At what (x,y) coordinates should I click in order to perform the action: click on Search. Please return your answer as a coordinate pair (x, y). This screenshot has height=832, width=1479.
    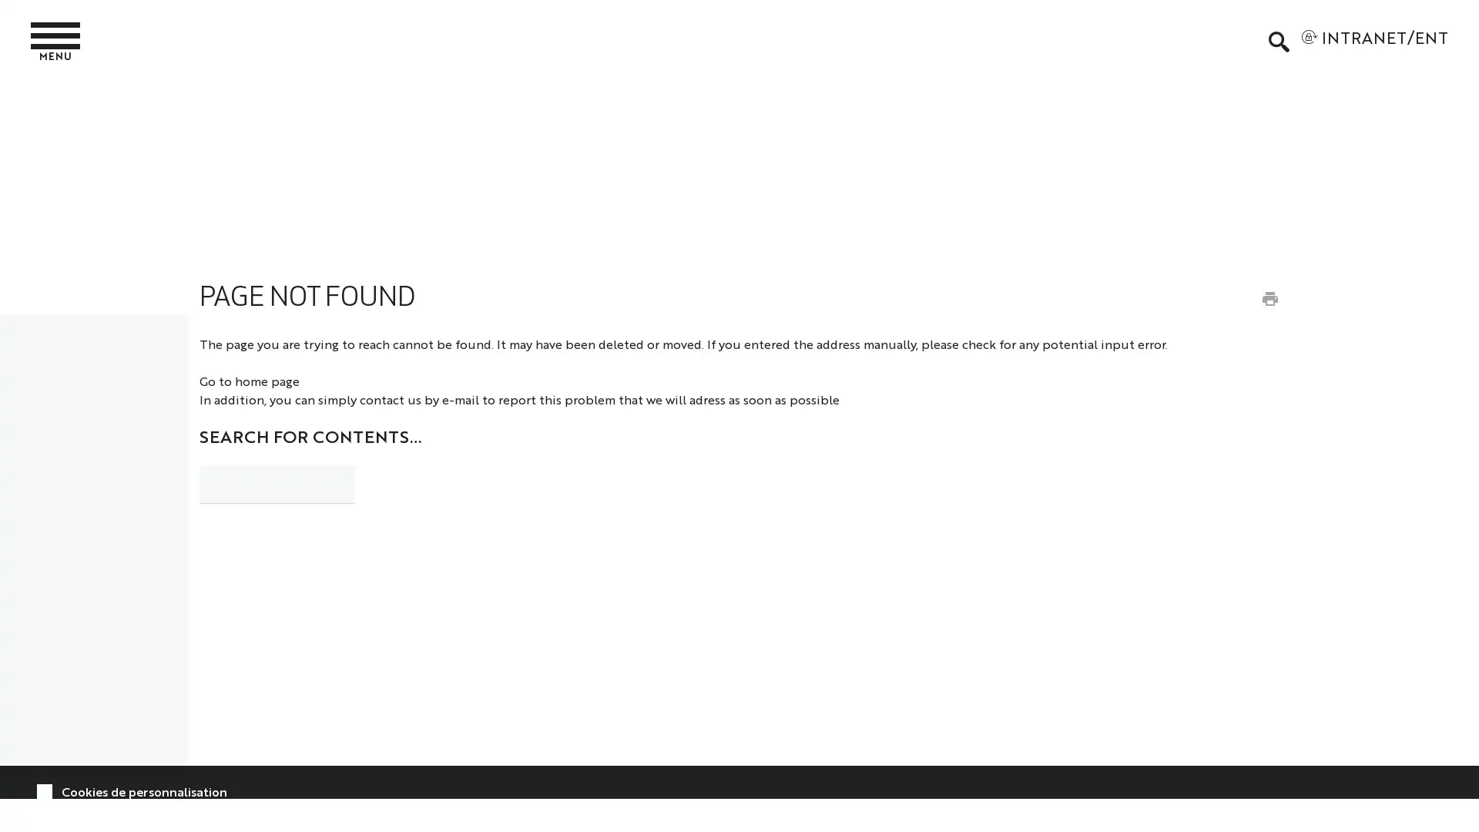
    Looking at the image, I should click on (395, 481).